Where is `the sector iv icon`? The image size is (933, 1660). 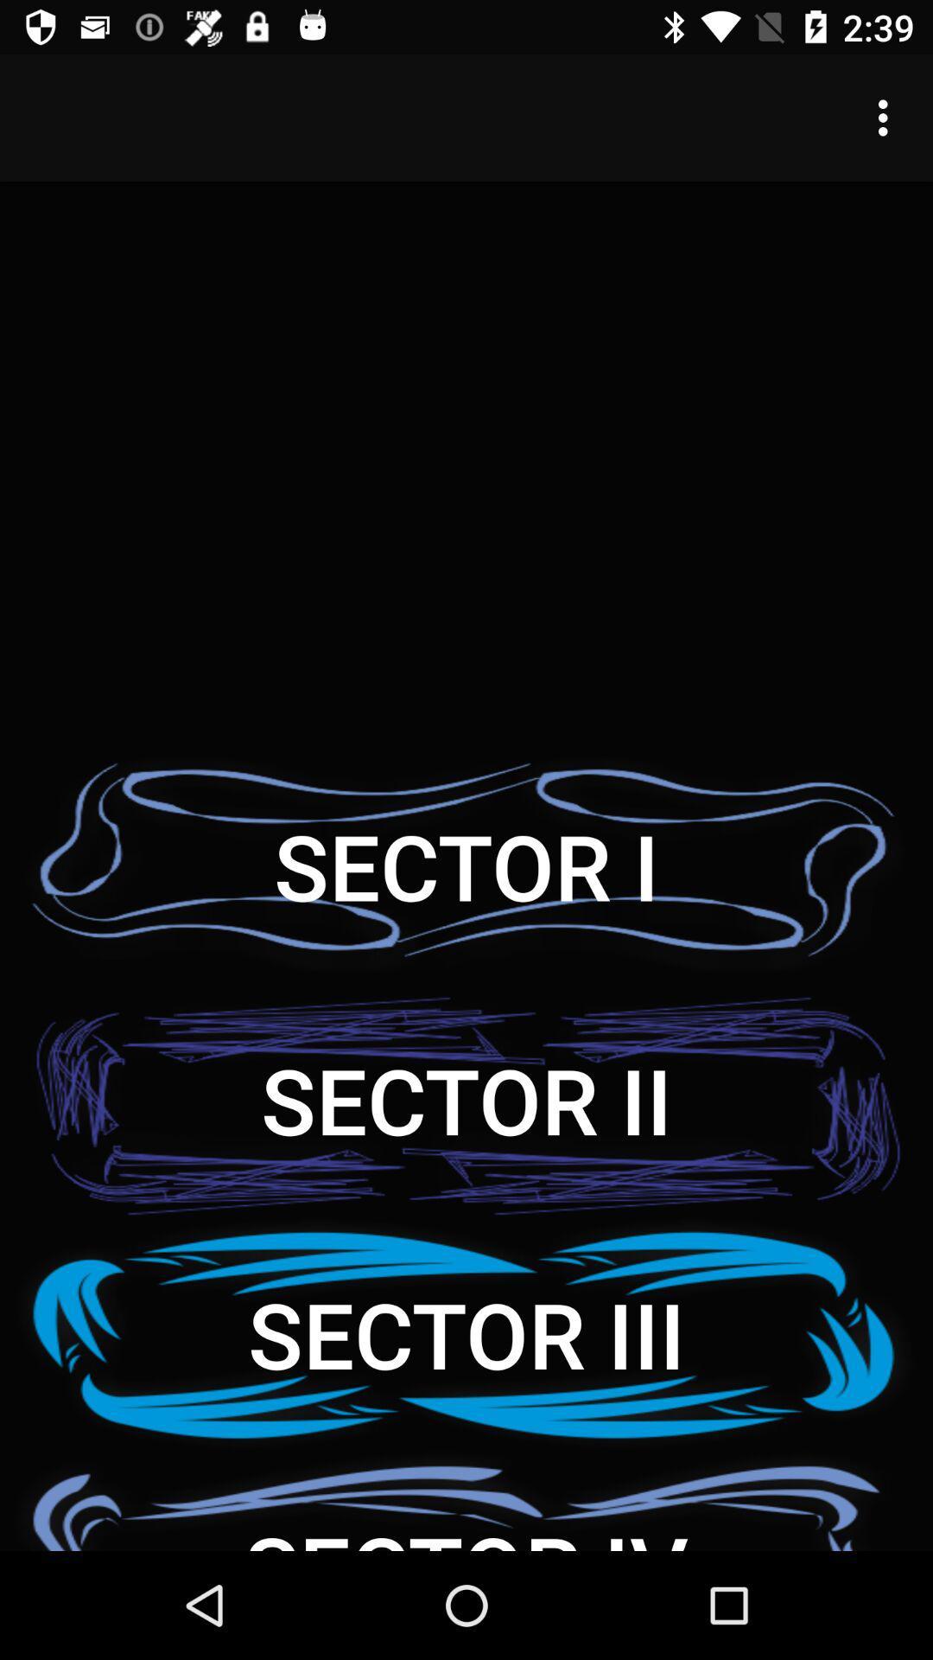 the sector iv icon is located at coordinates (466, 1500).